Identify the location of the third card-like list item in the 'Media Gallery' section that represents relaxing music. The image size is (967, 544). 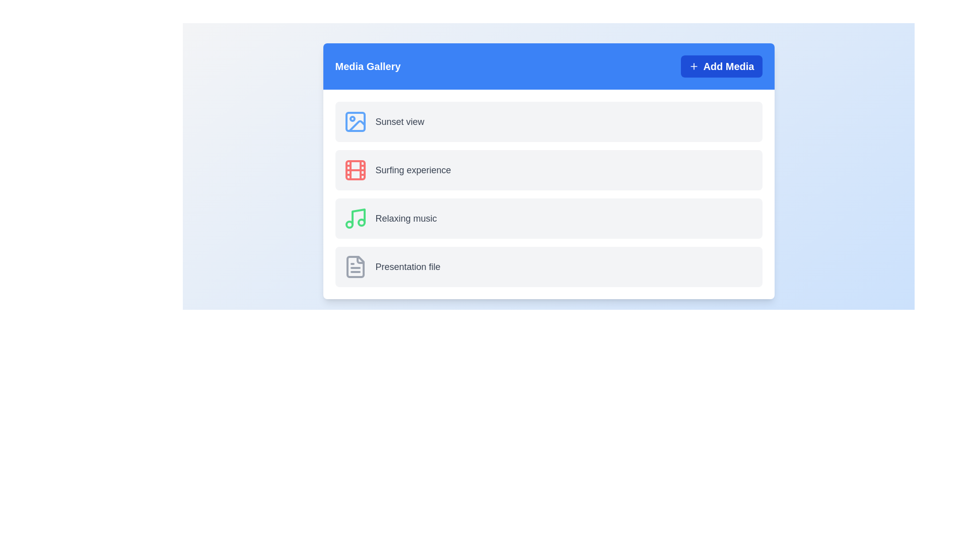
(548, 218).